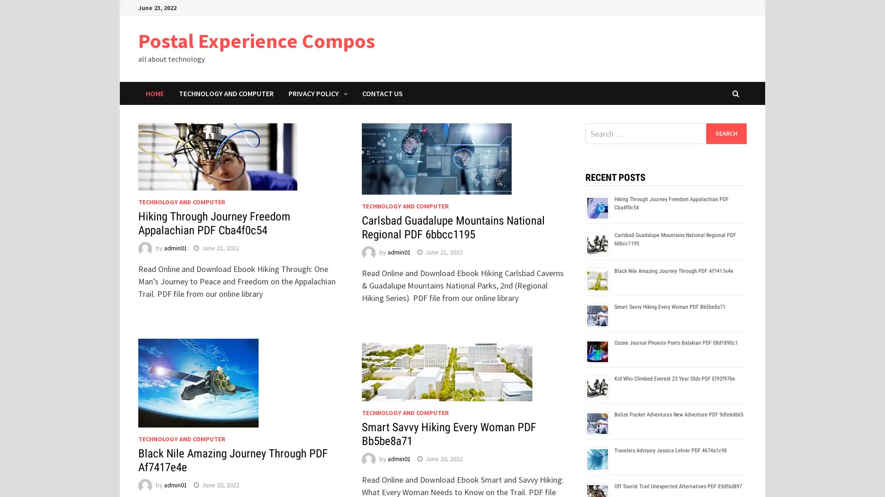  I want to click on Search, so click(726, 133).